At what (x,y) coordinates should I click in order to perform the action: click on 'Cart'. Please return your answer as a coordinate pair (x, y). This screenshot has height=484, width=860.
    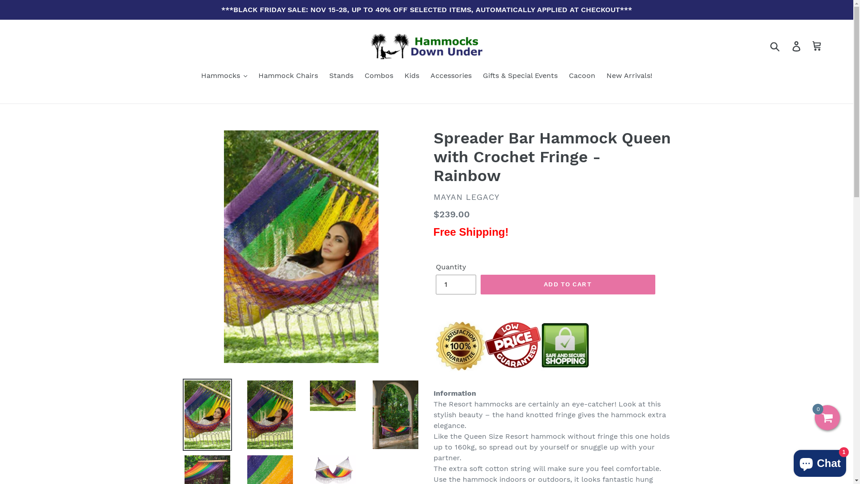
    Looking at the image, I should click on (818, 46).